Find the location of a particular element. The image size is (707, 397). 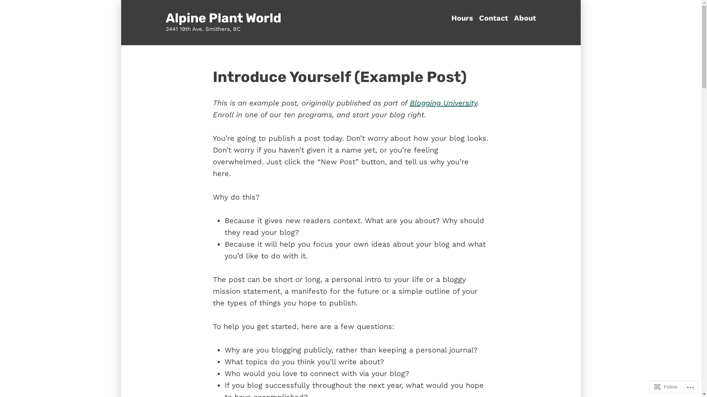

'Hours' is located at coordinates (463, 18).